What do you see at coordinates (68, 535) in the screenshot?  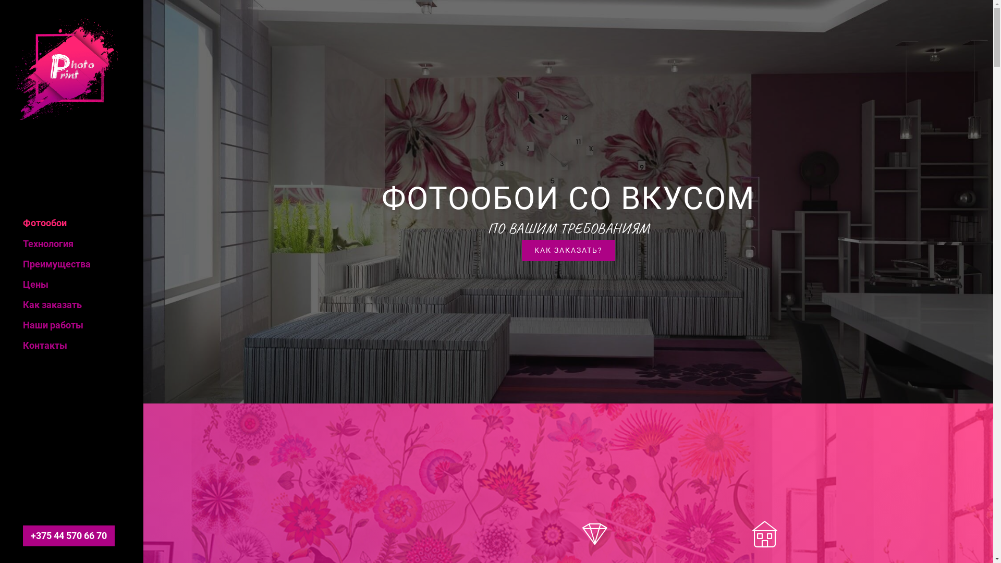 I see `'+375 44 570 66 70'` at bounding box center [68, 535].